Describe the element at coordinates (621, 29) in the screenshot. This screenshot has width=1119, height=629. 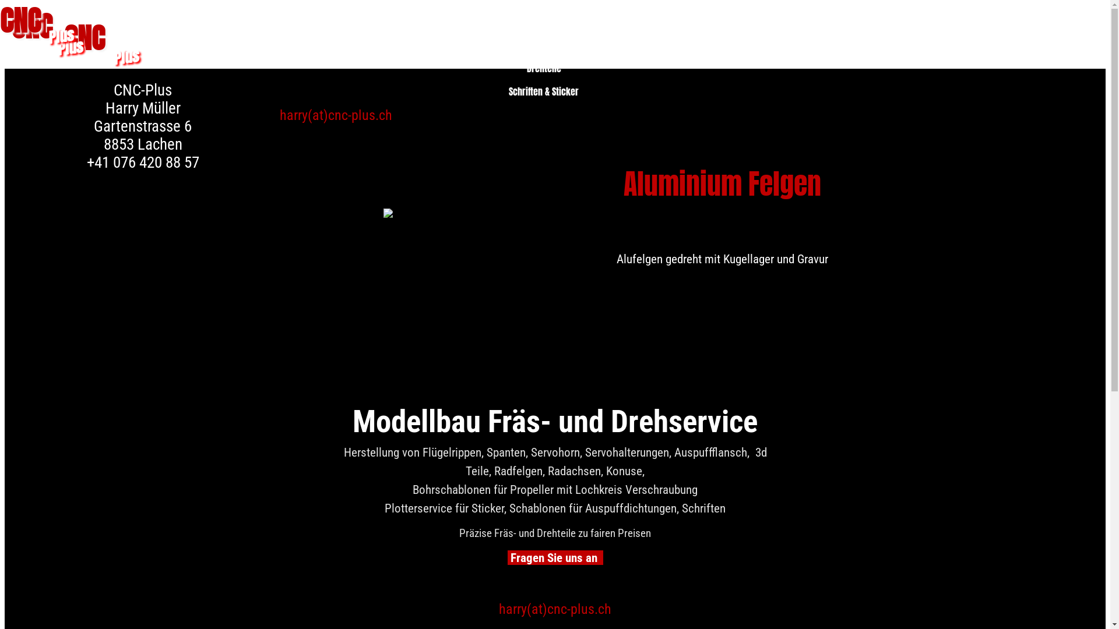
I see `'Kontakt'` at that location.